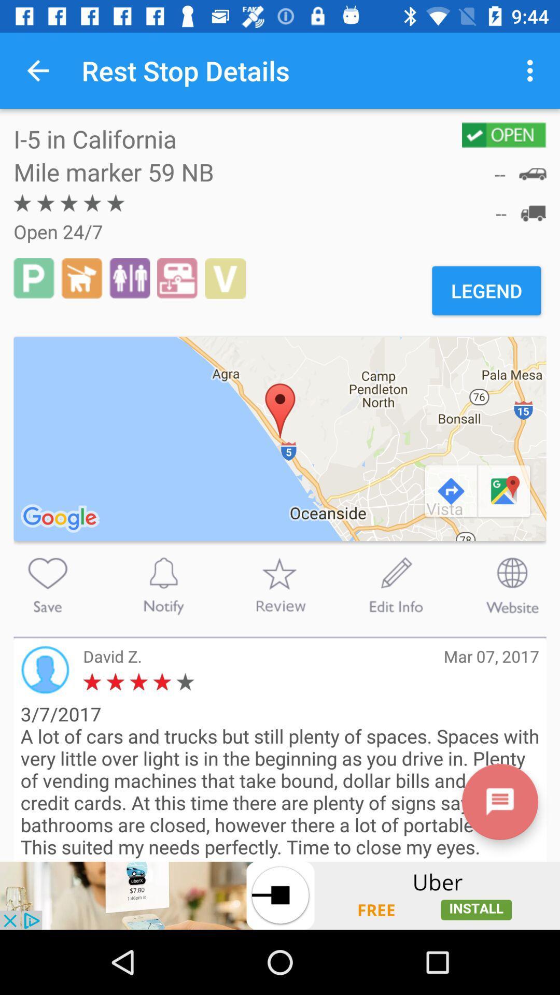 This screenshot has width=560, height=995. What do you see at coordinates (47, 585) in the screenshot?
I see `search` at bounding box center [47, 585].